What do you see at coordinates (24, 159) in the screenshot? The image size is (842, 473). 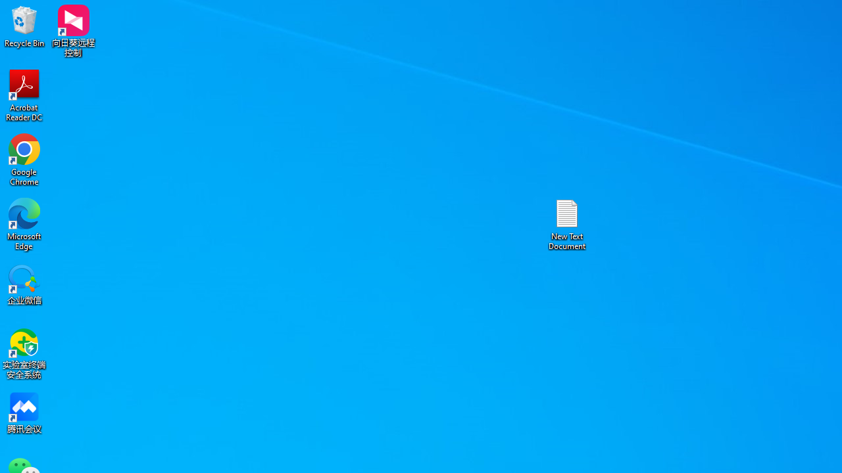 I see `'Google Chrome'` at bounding box center [24, 159].